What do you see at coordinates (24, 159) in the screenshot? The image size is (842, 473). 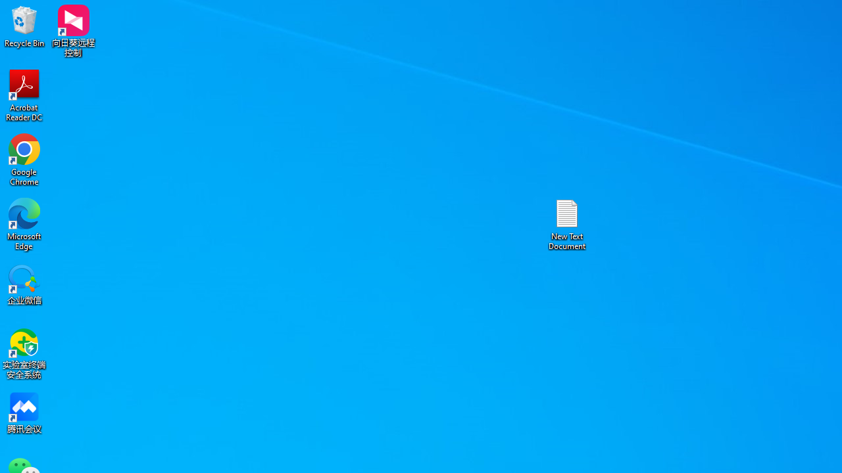 I see `'Google Chrome'` at bounding box center [24, 159].